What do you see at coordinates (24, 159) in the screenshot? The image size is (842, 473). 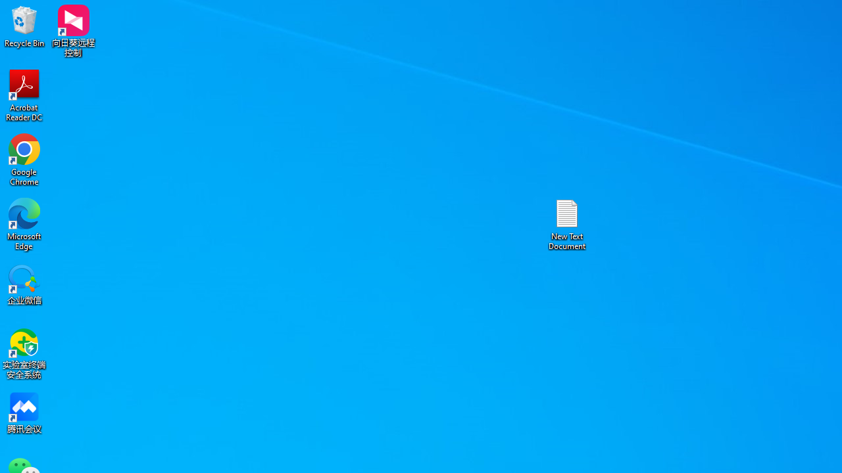 I see `'Google Chrome'` at bounding box center [24, 159].